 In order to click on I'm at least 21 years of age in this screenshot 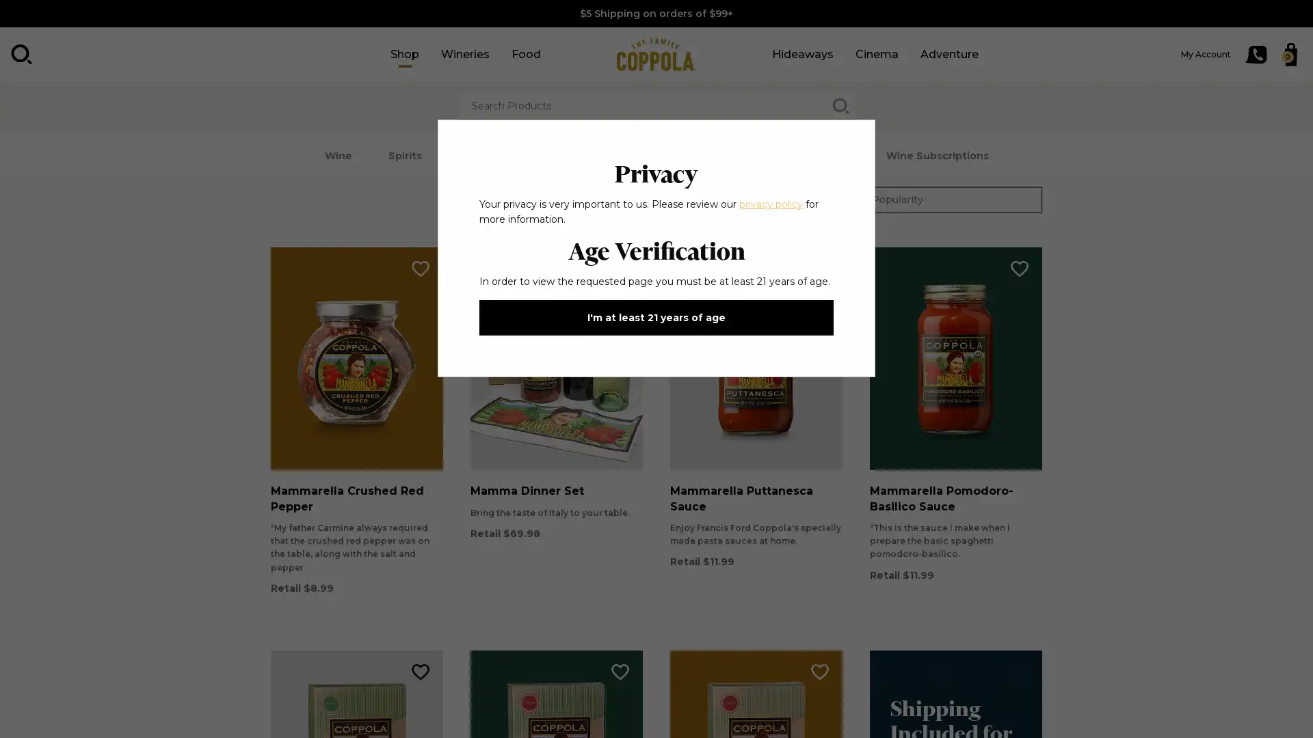, I will do `click(656, 318)`.